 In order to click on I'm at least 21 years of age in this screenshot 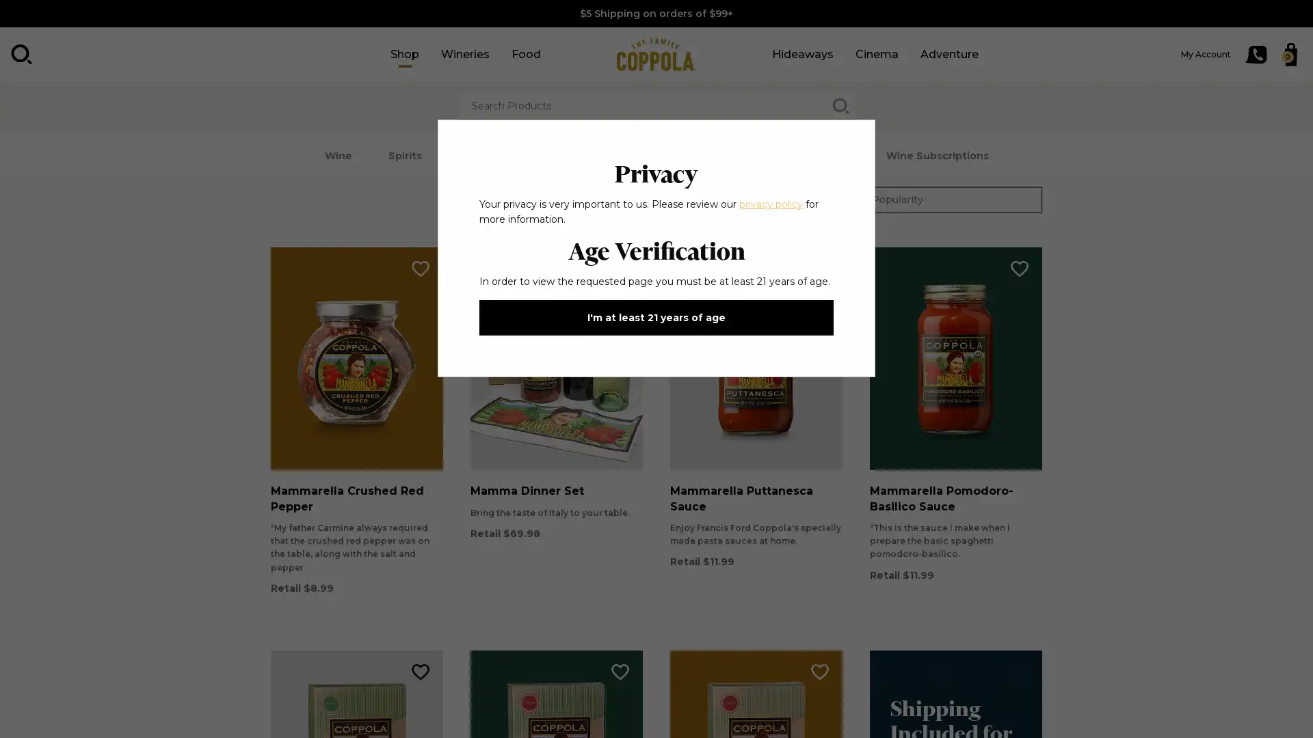, I will do `click(656, 318)`.